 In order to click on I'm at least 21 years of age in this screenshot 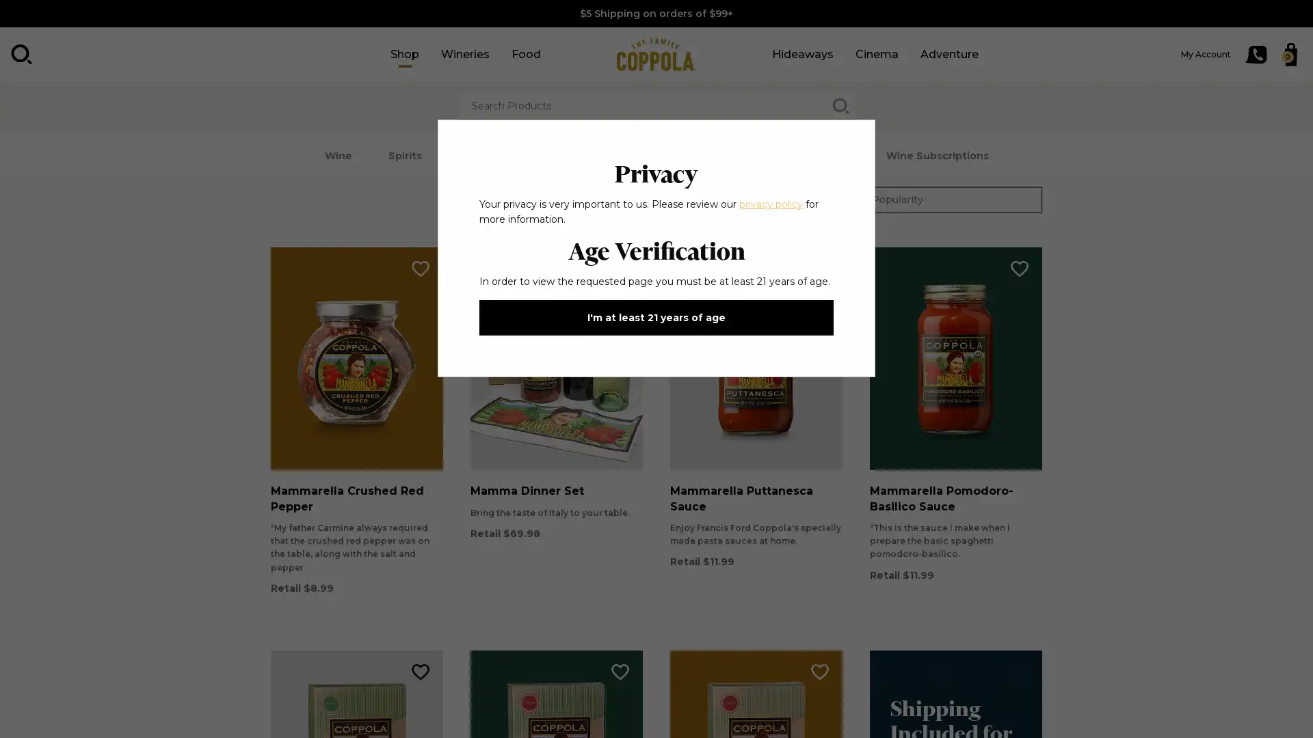, I will do `click(656, 318)`.